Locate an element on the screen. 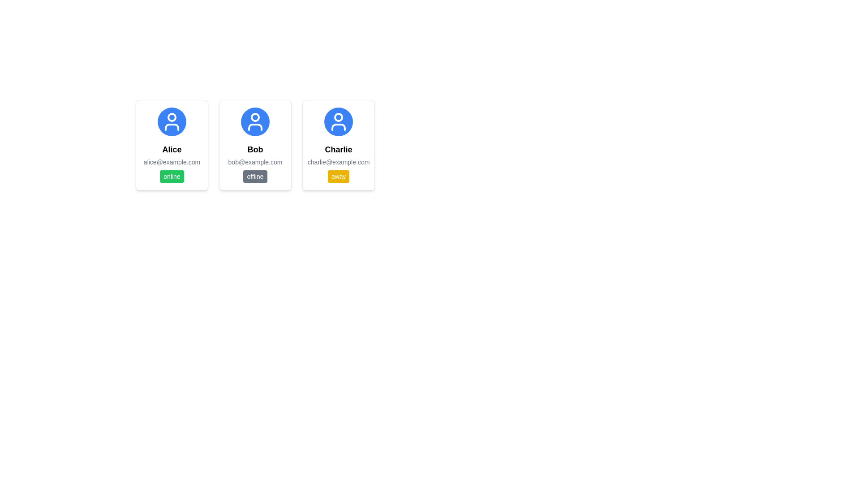 The image size is (860, 484). the green rectangular button labeled 'online' located in the lower section of the user details card, positioned below the user's email address and above the card's edge is located at coordinates (172, 176).